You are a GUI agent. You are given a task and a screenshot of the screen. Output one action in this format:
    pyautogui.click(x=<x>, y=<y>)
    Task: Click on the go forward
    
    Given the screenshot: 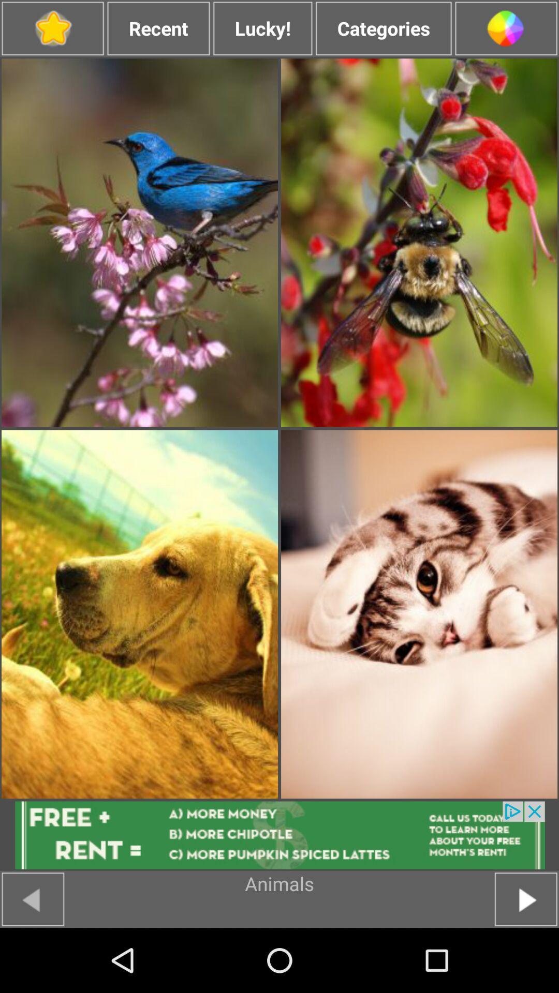 What is the action you would take?
    pyautogui.click(x=526, y=898)
    